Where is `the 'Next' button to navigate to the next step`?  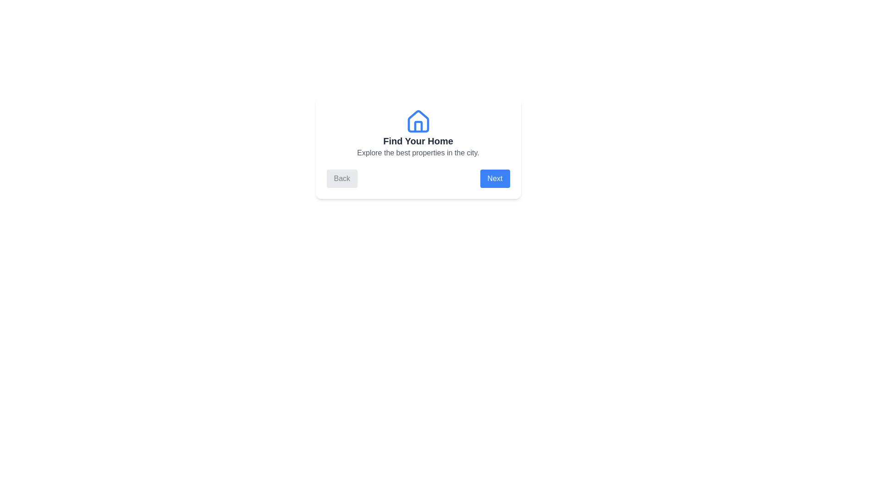
the 'Next' button to navigate to the next step is located at coordinates (495, 178).